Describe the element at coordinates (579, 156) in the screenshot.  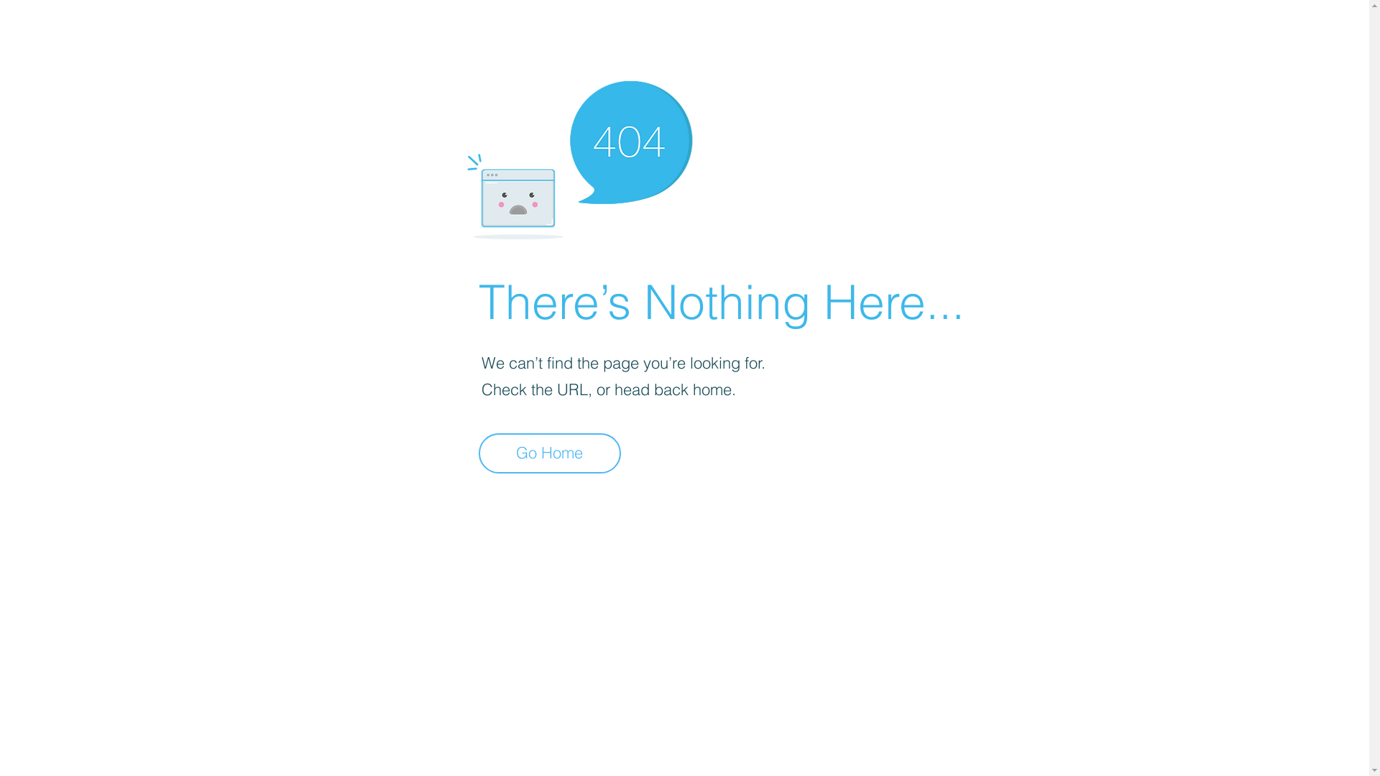
I see `'404-icon_2.png'` at that location.